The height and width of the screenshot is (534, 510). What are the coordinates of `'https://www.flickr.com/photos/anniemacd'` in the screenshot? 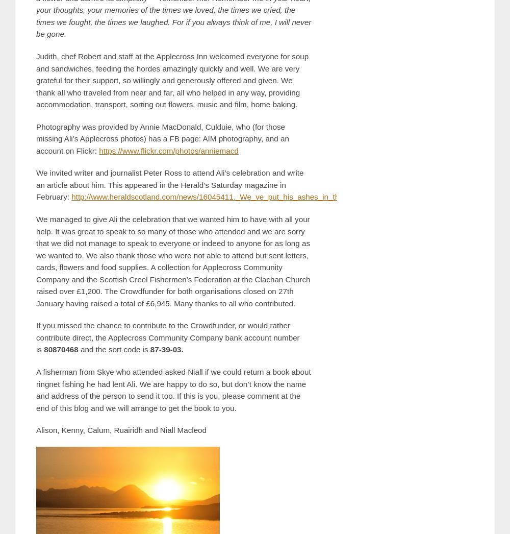 It's located at (168, 150).